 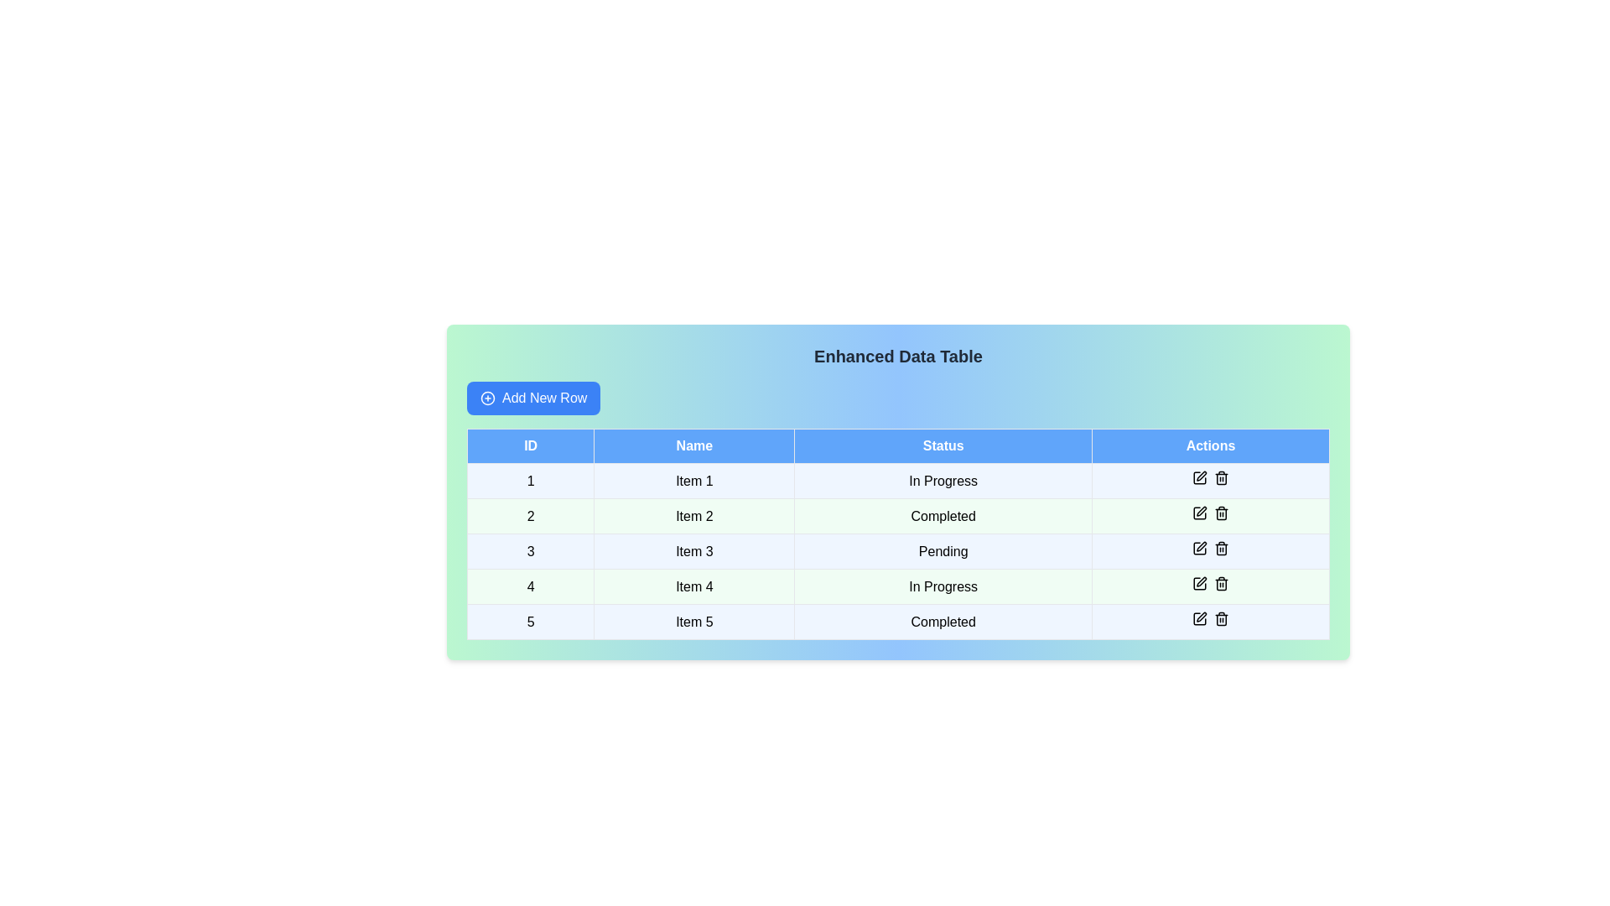 I want to click on the delete icon button located in the rightmost cell of the third row under the 'Actions' column, so click(x=1221, y=549).